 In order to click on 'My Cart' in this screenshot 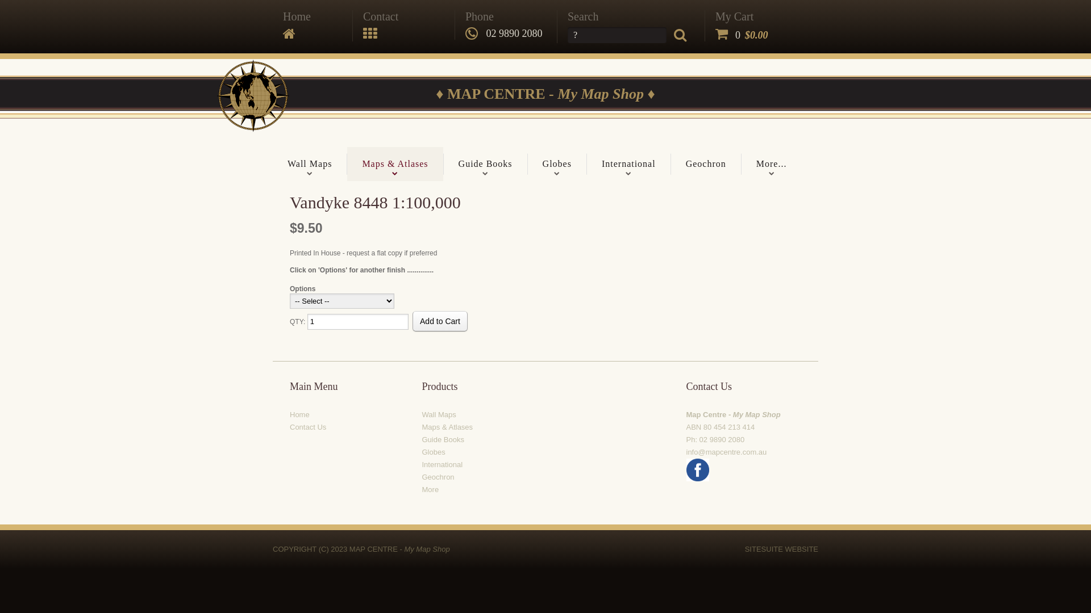, I will do `click(714, 16)`.